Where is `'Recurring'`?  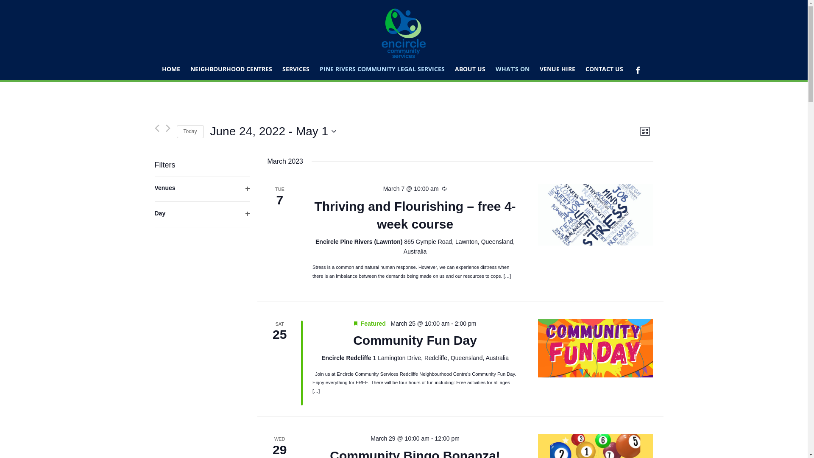
'Recurring' is located at coordinates (441, 189).